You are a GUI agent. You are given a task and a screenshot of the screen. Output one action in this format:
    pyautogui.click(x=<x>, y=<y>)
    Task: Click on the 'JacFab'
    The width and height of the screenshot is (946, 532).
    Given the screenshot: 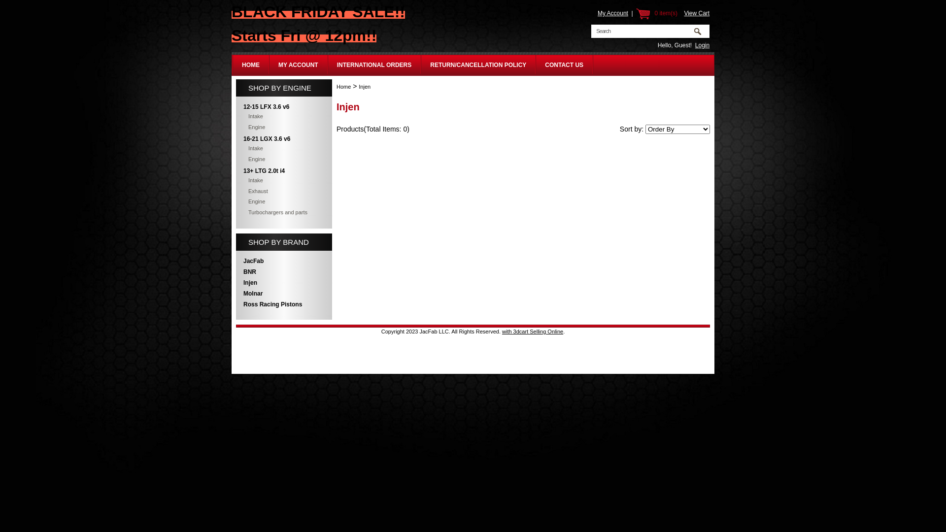 What is the action you would take?
    pyautogui.click(x=283, y=260)
    